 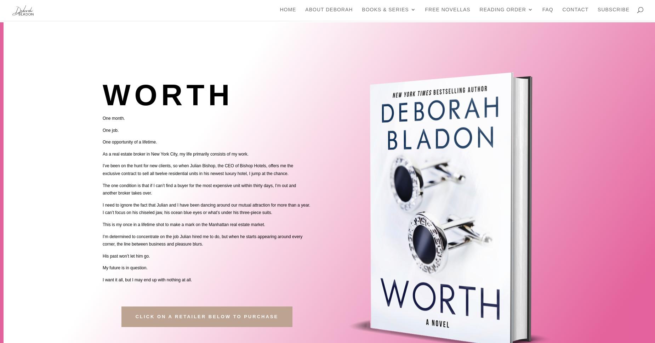 What do you see at coordinates (147, 279) in the screenshot?
I see `'I want it all, but I may end up with nothing at all.'` at bounding box center [147, 279].